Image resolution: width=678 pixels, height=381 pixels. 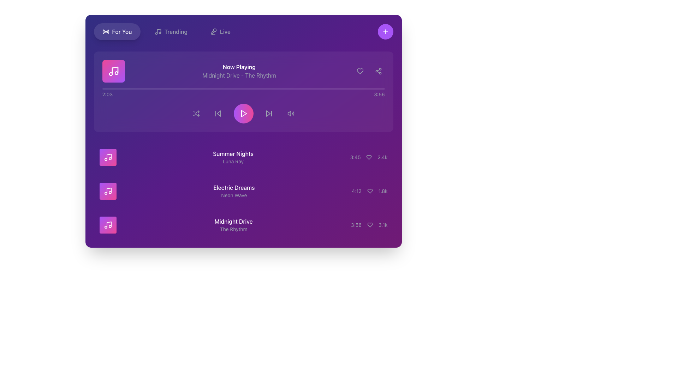 I want to click on playback position, so click(x=356, y=88).